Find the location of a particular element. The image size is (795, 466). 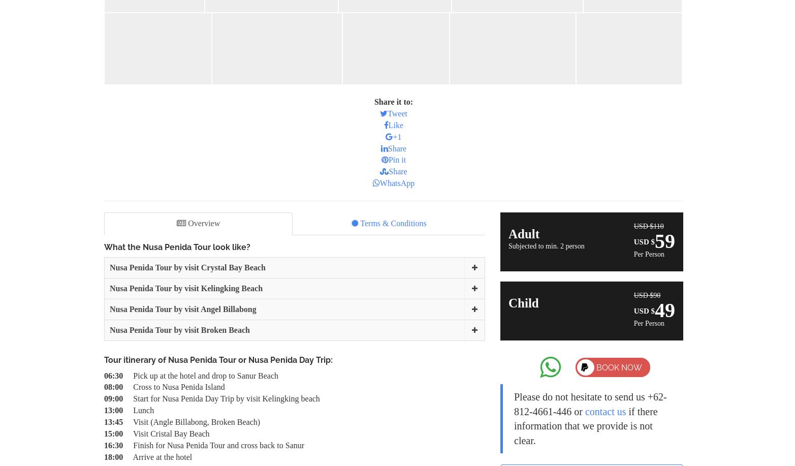

'Nusa Penida Tour by visit Crystal Bay Beach' is located at coordinates (187, 267).